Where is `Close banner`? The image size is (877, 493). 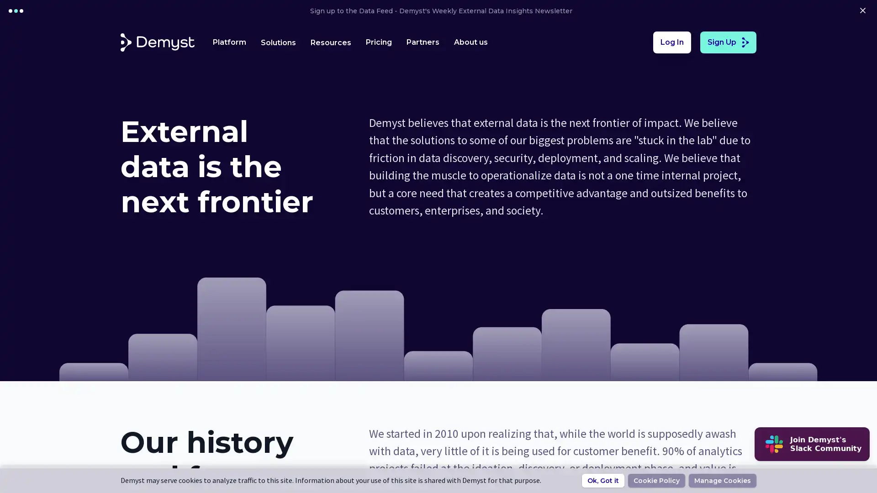 Close banner is located at coordinates (861, 10).